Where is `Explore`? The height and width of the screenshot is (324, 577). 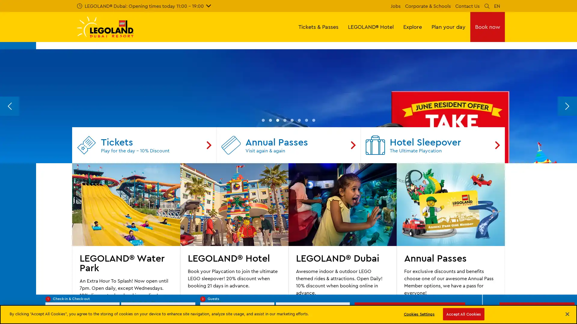
Explore is located at coordinates (412, 26).